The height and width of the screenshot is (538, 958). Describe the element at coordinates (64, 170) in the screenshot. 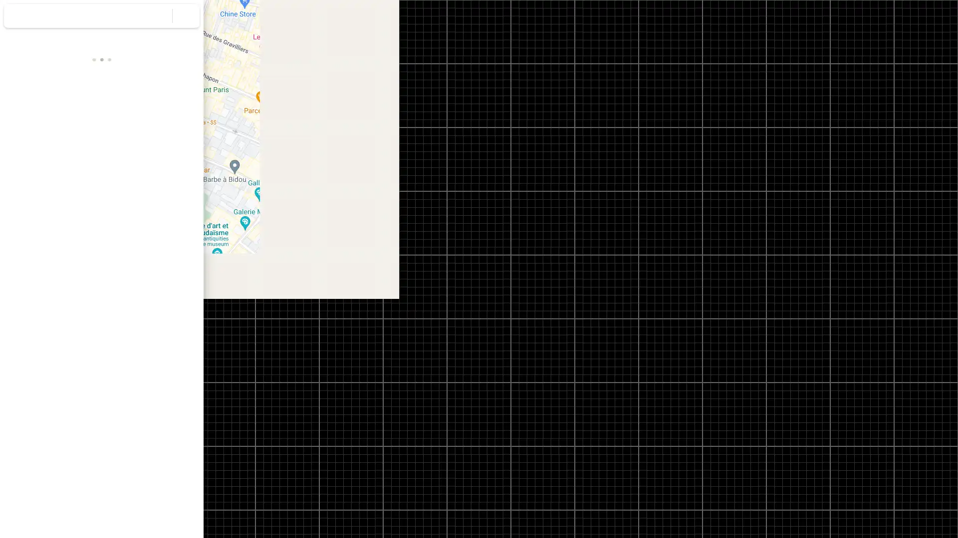

I see `Save 5 Rue de Palestro in your lists` at that location.